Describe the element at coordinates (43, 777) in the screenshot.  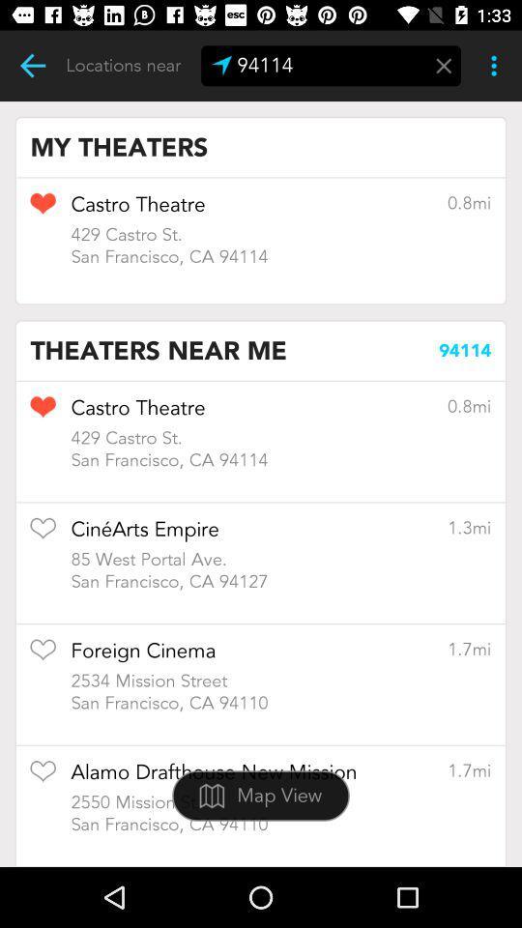
I see `like button` at that location.